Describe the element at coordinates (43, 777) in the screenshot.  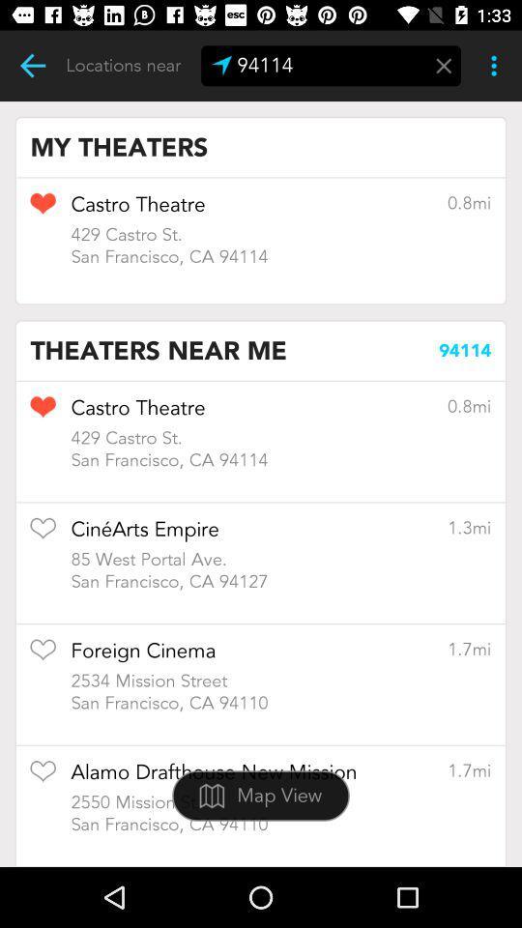
I see `like button` at that location.